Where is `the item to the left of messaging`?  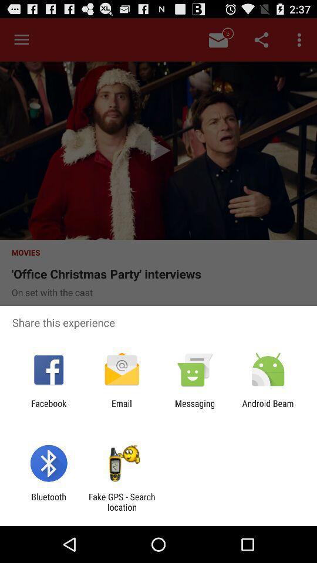 the item to the left of messaging is located at coordinates (121, 408).